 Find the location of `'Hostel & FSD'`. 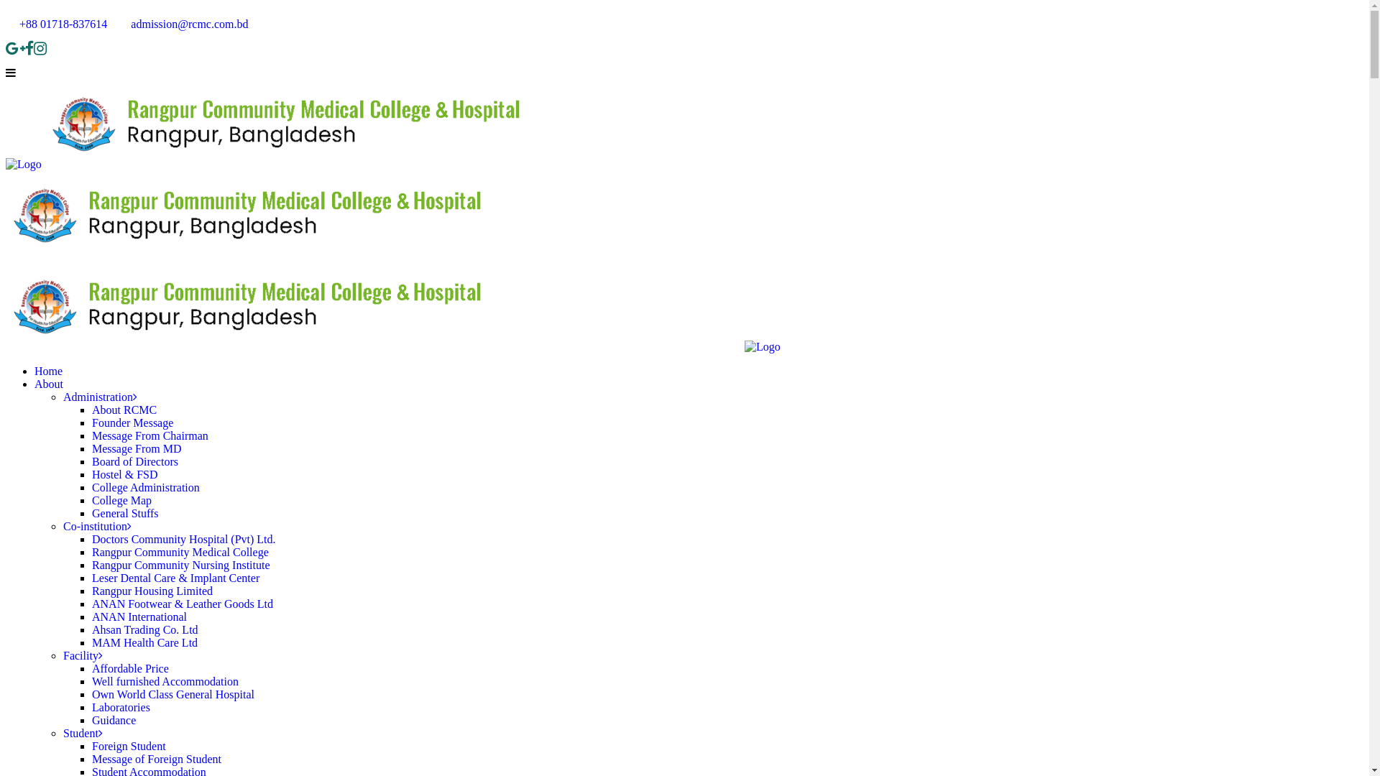

'Hostel & FSD' is located at coordinates (124, 474).